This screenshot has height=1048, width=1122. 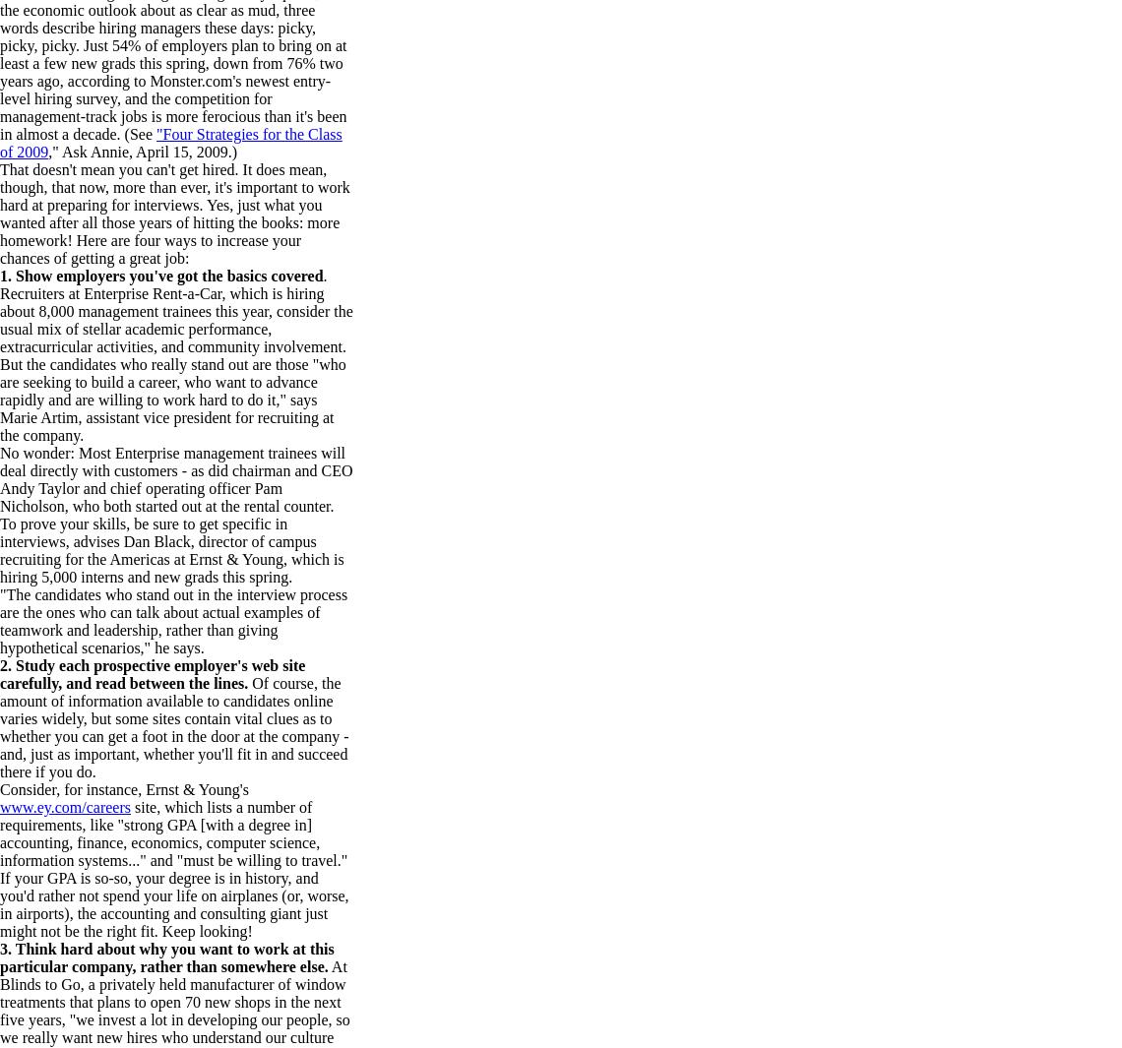 I want to click on 'To prove your skills, be sure to get specific in interviews, advises Dan Black, director of campus recruiting for the Americas at Ernst & Young, which is hiring 5,000 interns and new grads this spring.', so click(x=171, y=550).